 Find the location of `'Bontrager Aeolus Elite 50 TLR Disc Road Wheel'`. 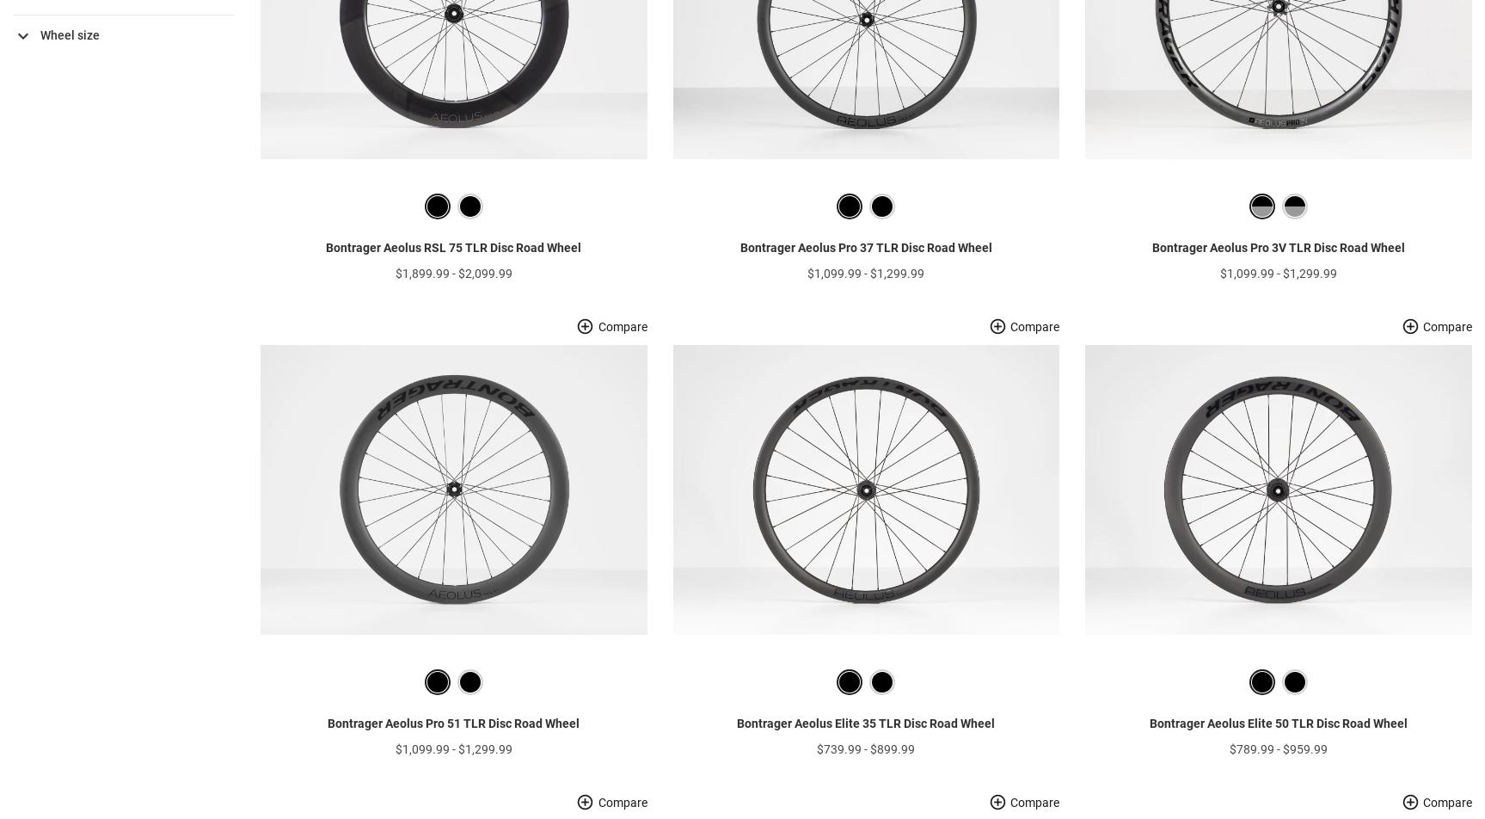

'Bontrager Aeolus Elite 50 TLR Disc Road Wheel' is located at coordinates (1277, 750).